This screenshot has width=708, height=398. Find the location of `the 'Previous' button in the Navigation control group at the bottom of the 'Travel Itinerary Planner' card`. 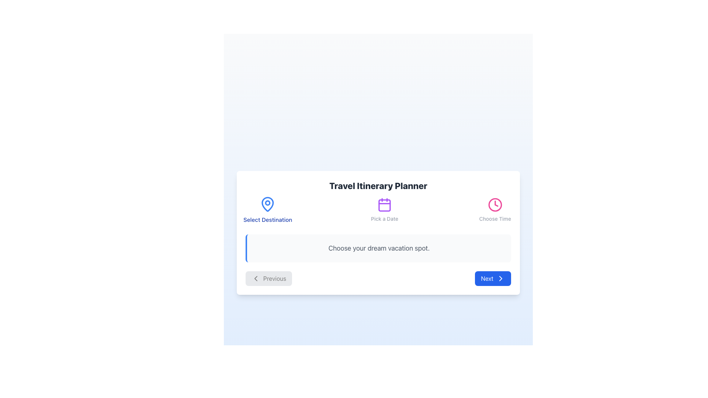

the 'Previous' button in the Navigation control group at the bottom of the 'Travel Itinerary Planner' card is located at coordinates (378, 279).